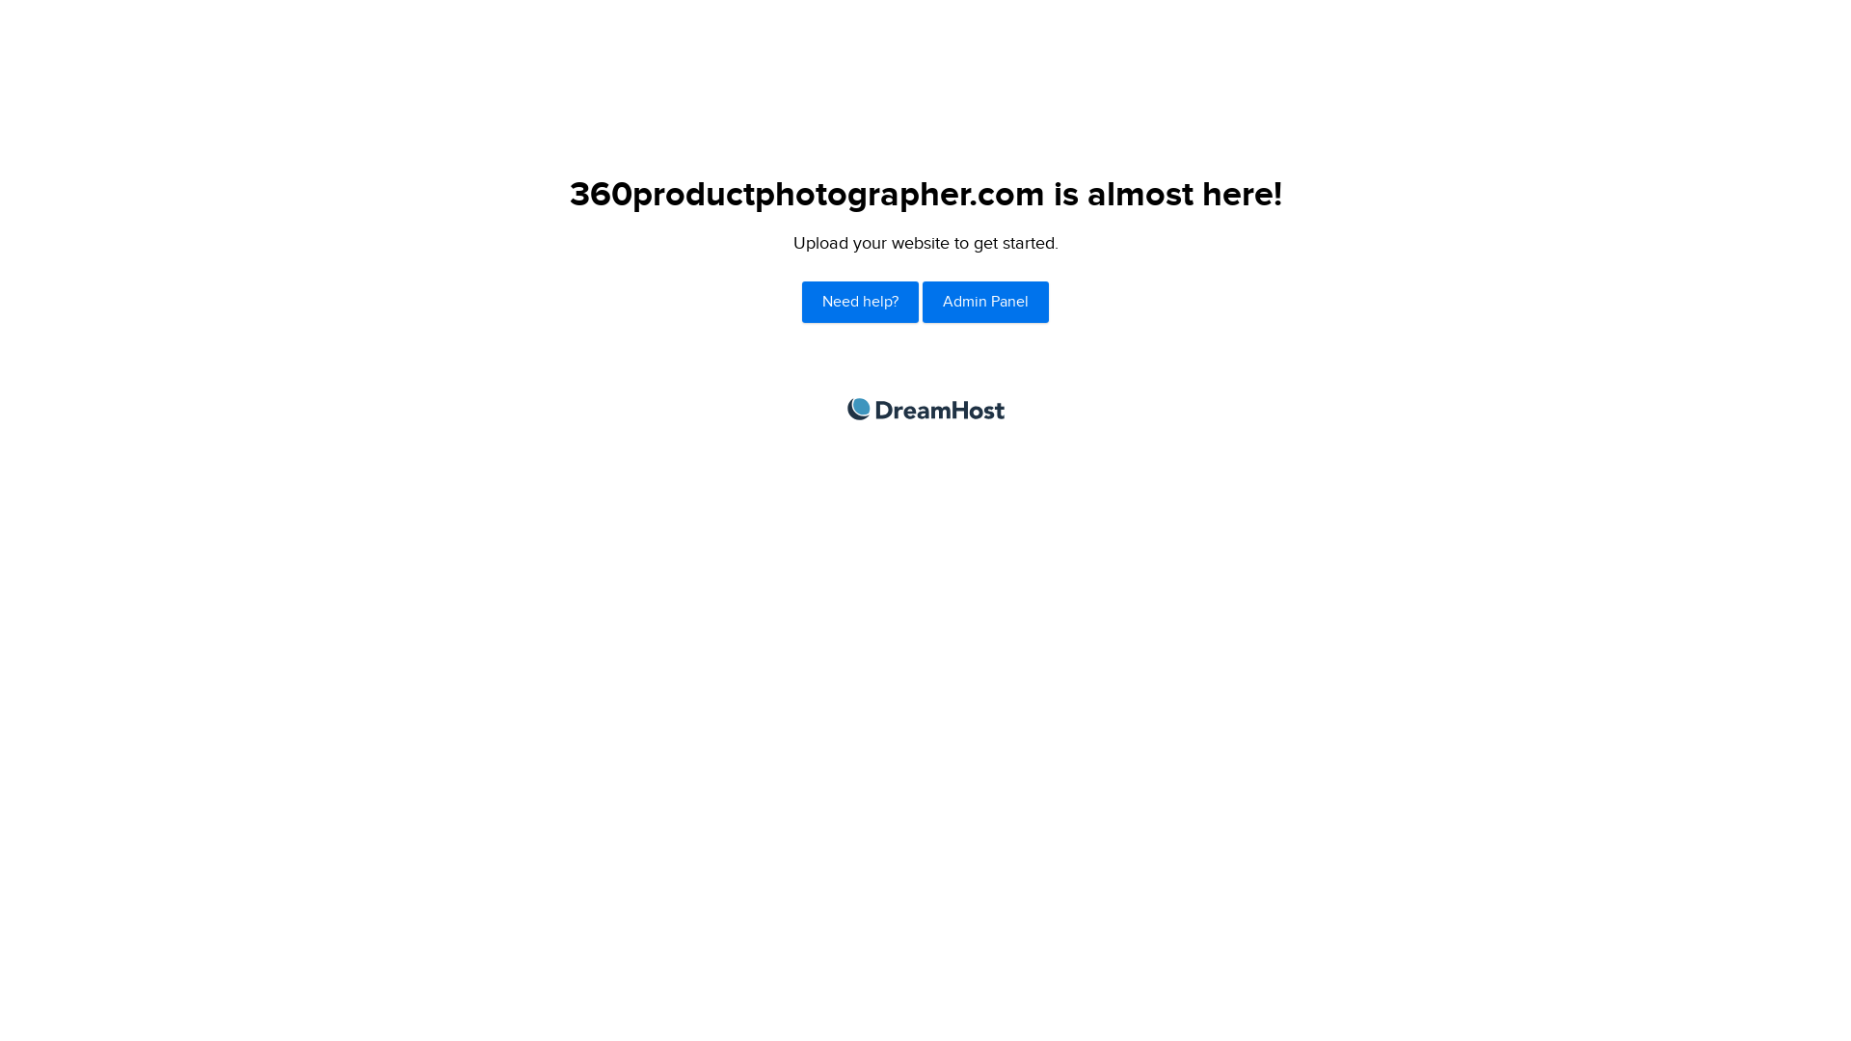 This screenshot has height=1041, width=1851. What do you see at coordinates (985, 302) in the screenshot?
I see `'Admin Panel'` at bounding box center [985, 302].